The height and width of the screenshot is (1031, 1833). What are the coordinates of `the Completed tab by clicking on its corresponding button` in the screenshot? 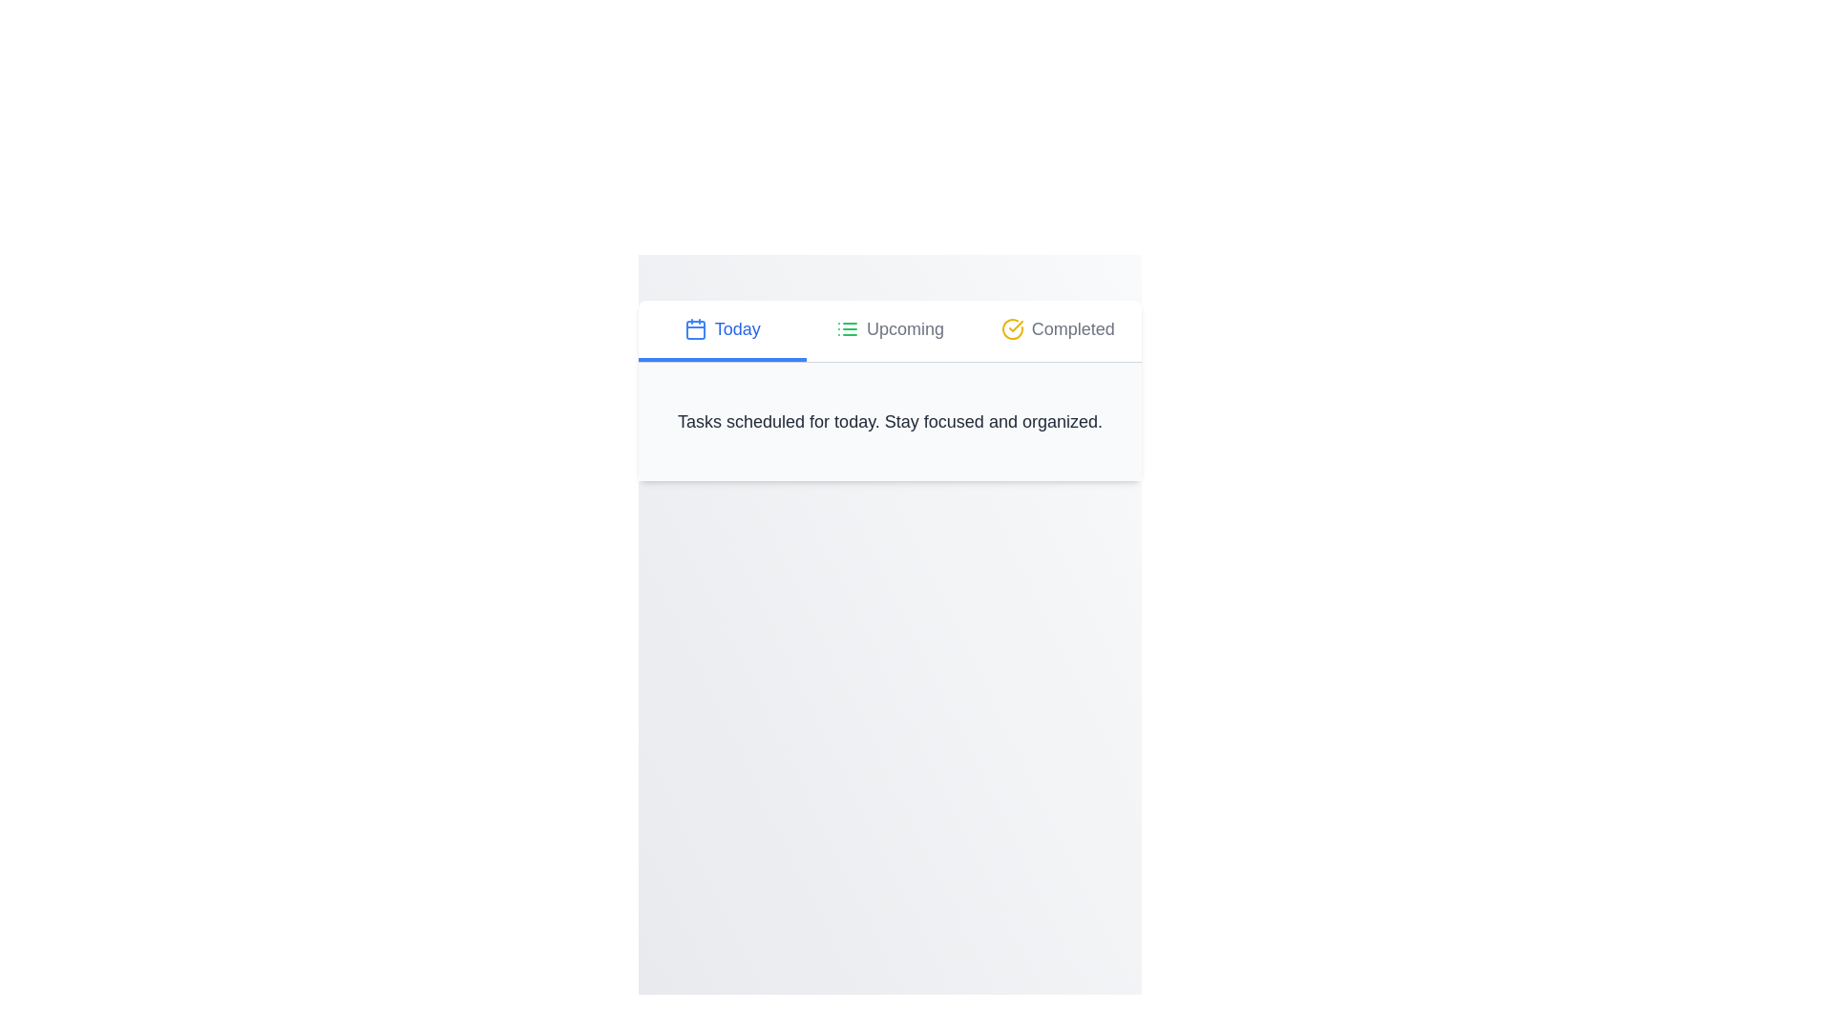 It's located at (1057, 330).